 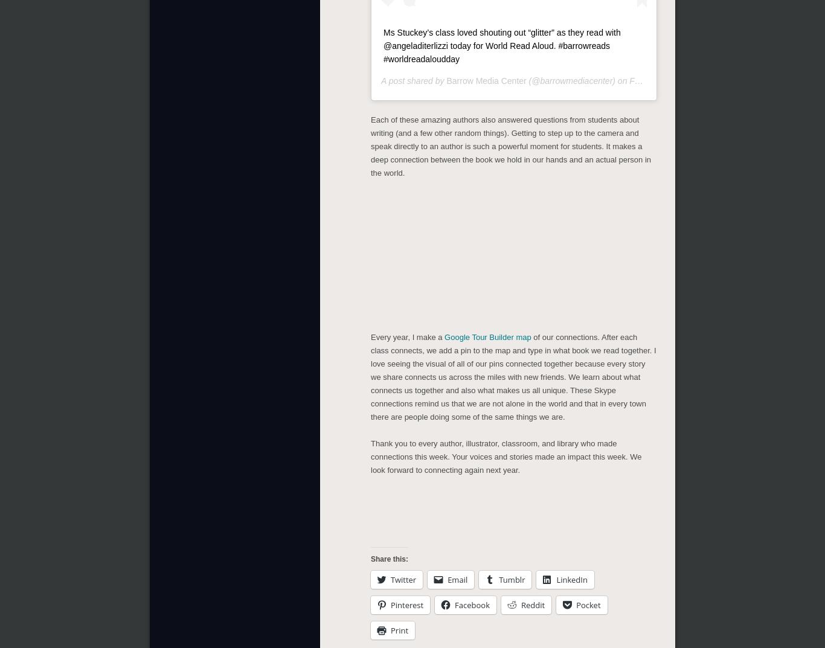 What do you see at coordinates (370, 557) in the screenshot?
I see `'Share this:'` at bounding box center [370, 557].